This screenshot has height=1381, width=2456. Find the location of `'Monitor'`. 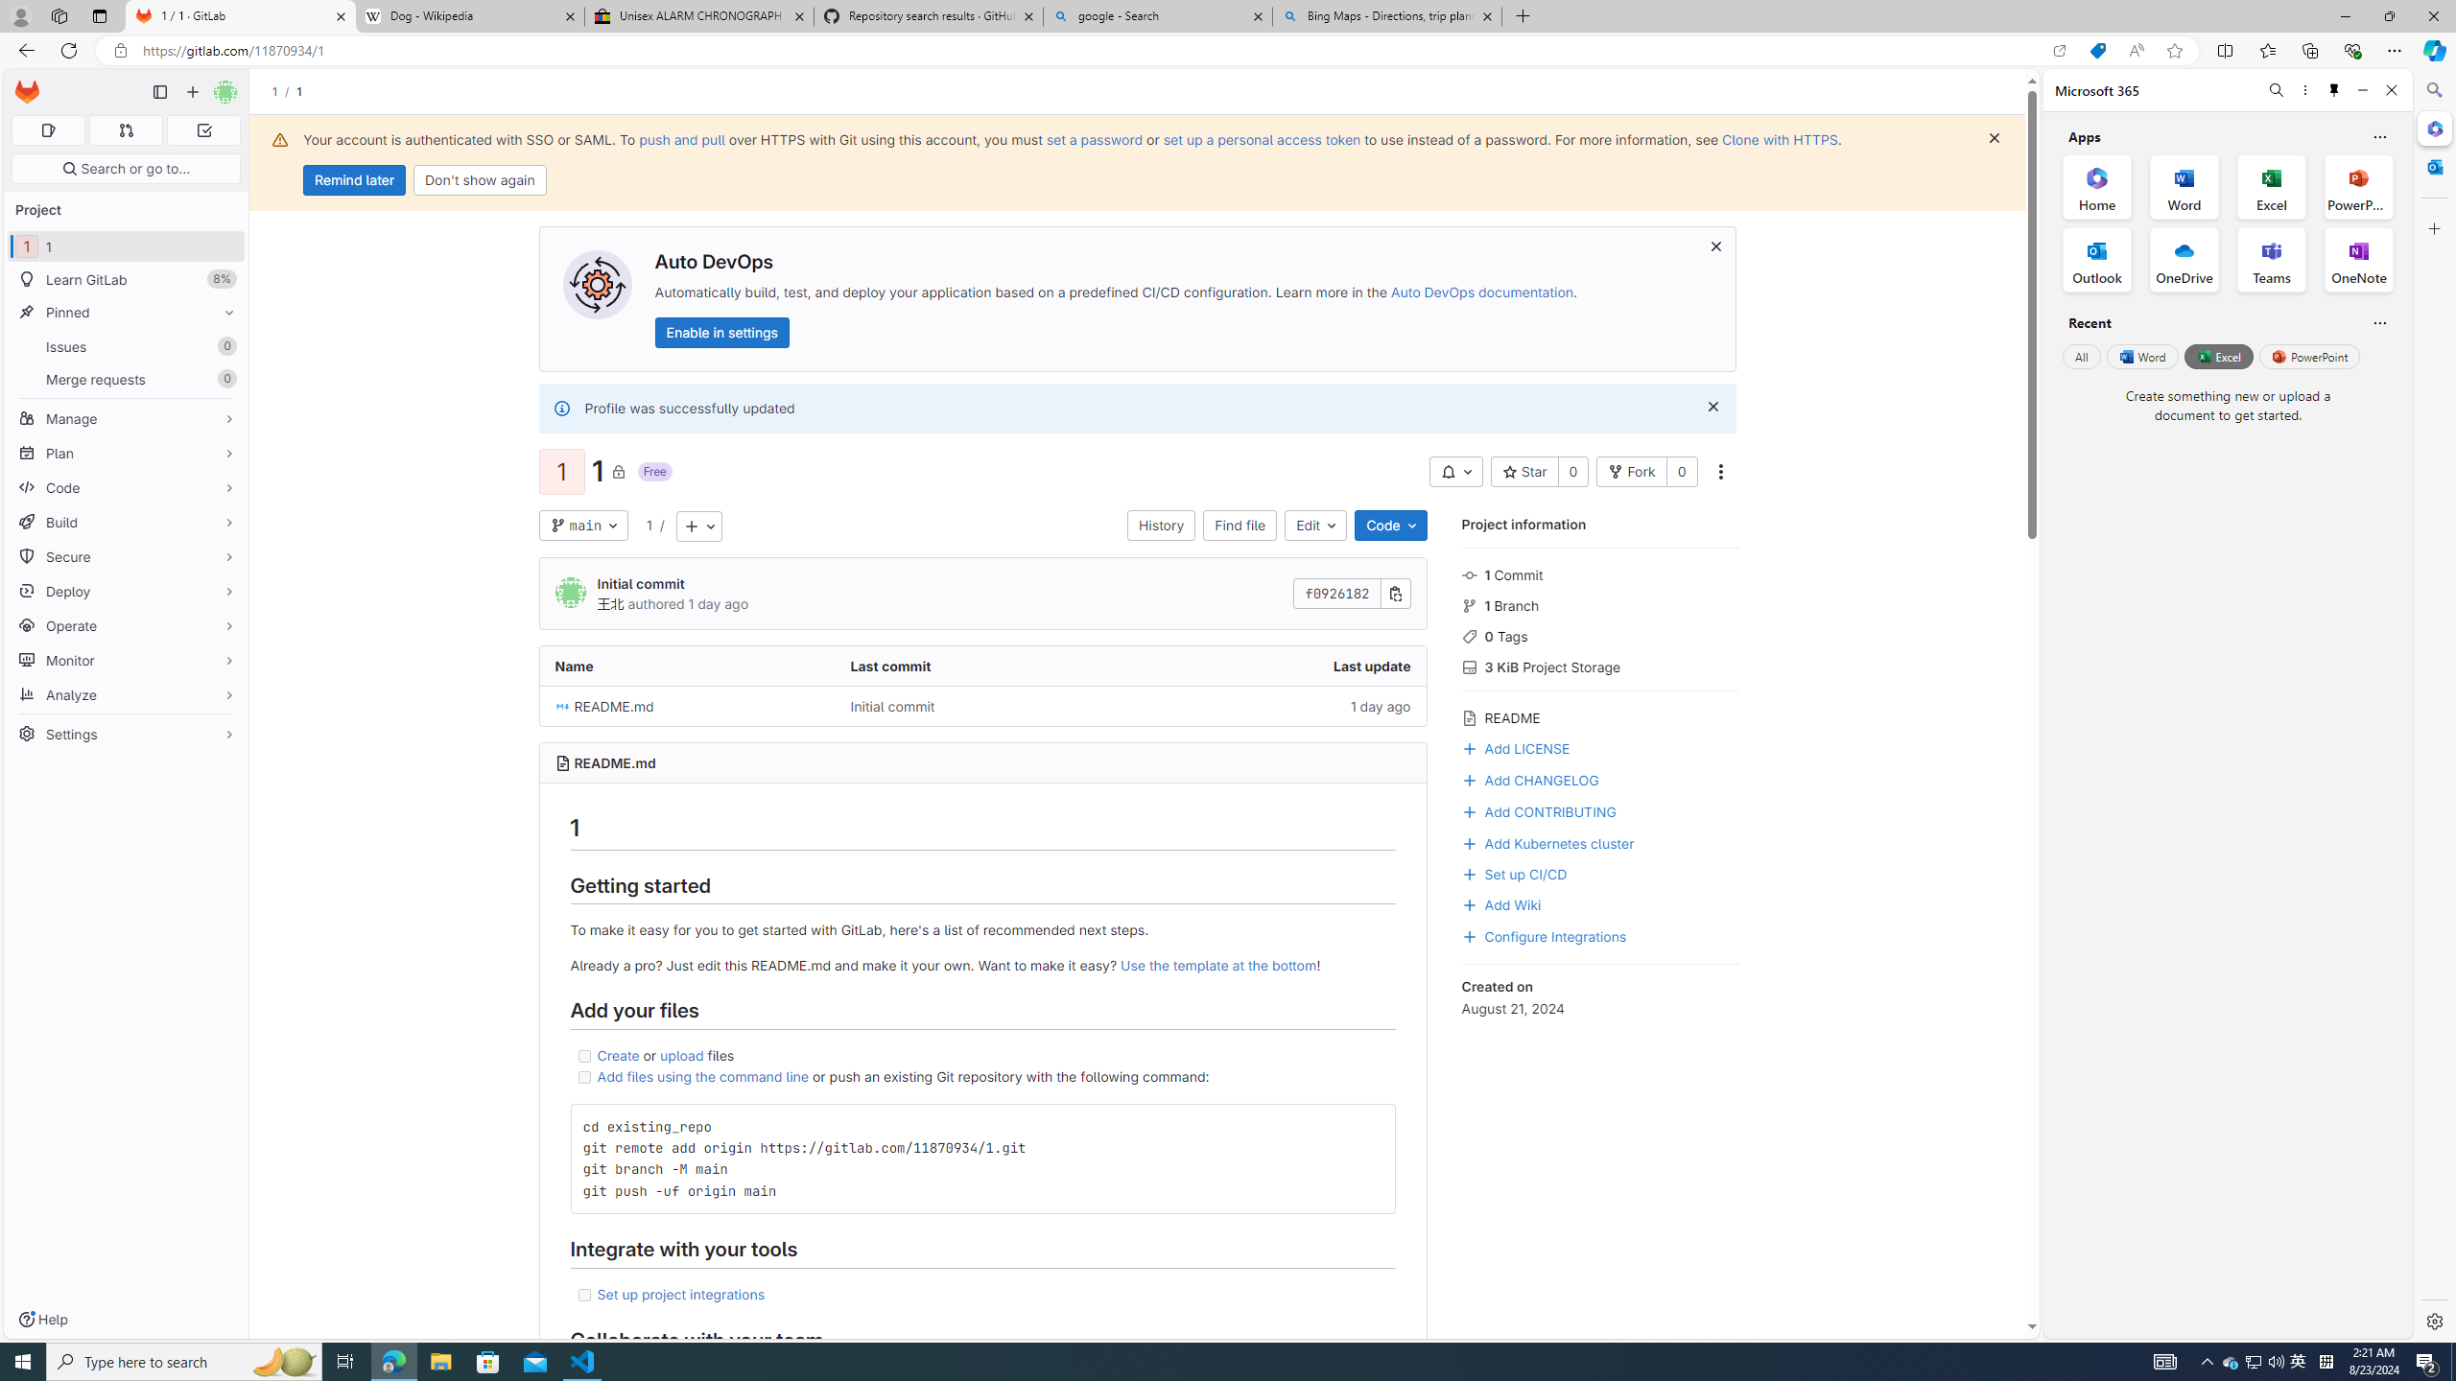

'Monitor' is located at coordinates (125, 661).